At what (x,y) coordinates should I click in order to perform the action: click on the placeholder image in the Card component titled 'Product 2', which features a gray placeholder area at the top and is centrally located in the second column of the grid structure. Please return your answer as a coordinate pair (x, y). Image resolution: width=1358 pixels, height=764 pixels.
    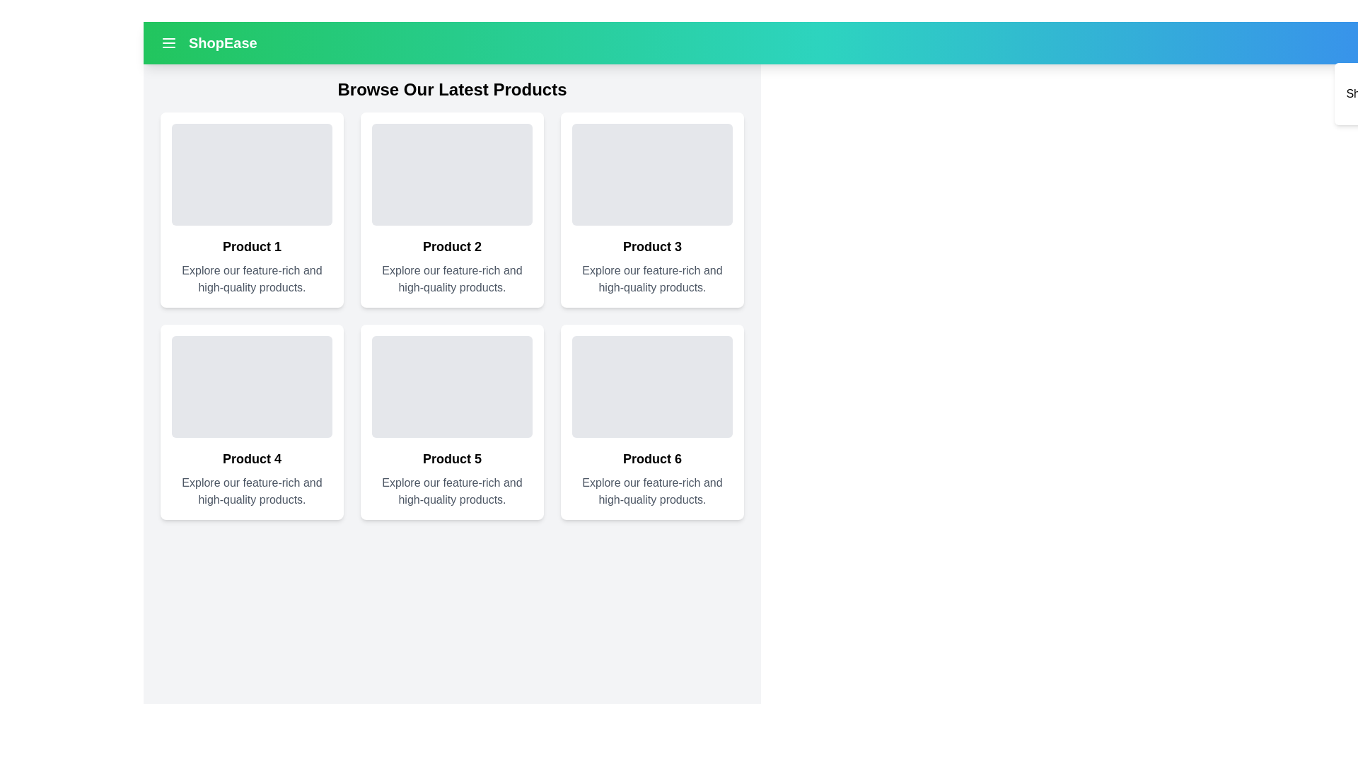
    Looking at the image, I should click on (451, 210).